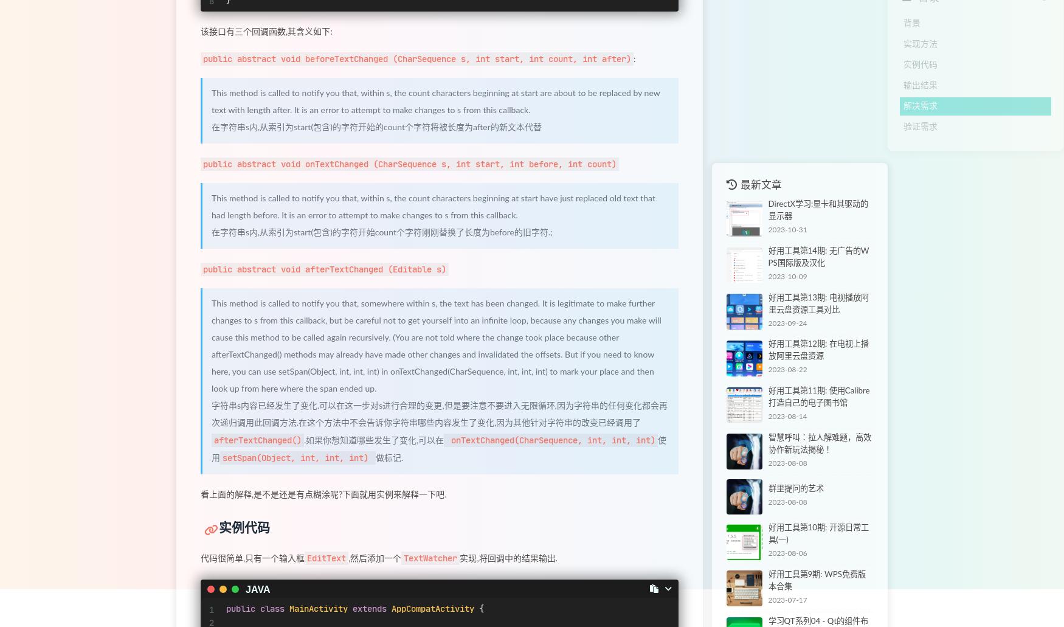  Describe the element at coordinates (818, 397) in the screenshot. I see `'好用工具第11期: 使用Calibre打造自己的电子图书馆'` at that location.